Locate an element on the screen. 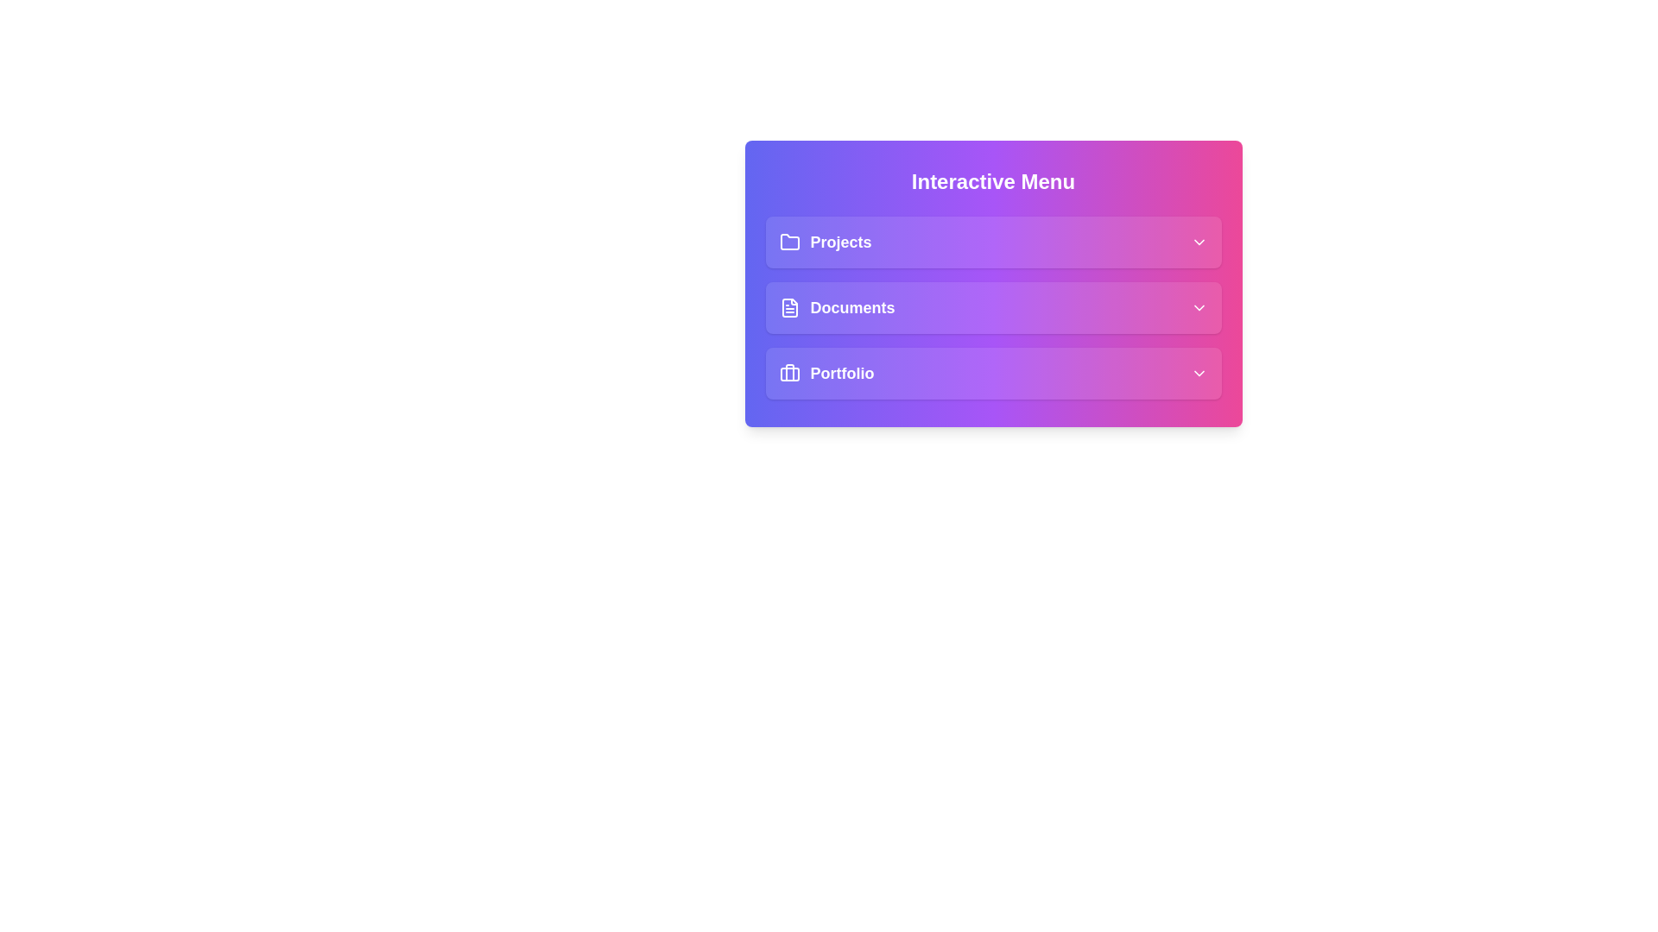 Image resolution: width=1658 pixels, height=932 pixels. the purple folder icon with rounded corners, located at the top-left corner of the 'Projects' label in the interactive menu is located at coordinates (788, 242).